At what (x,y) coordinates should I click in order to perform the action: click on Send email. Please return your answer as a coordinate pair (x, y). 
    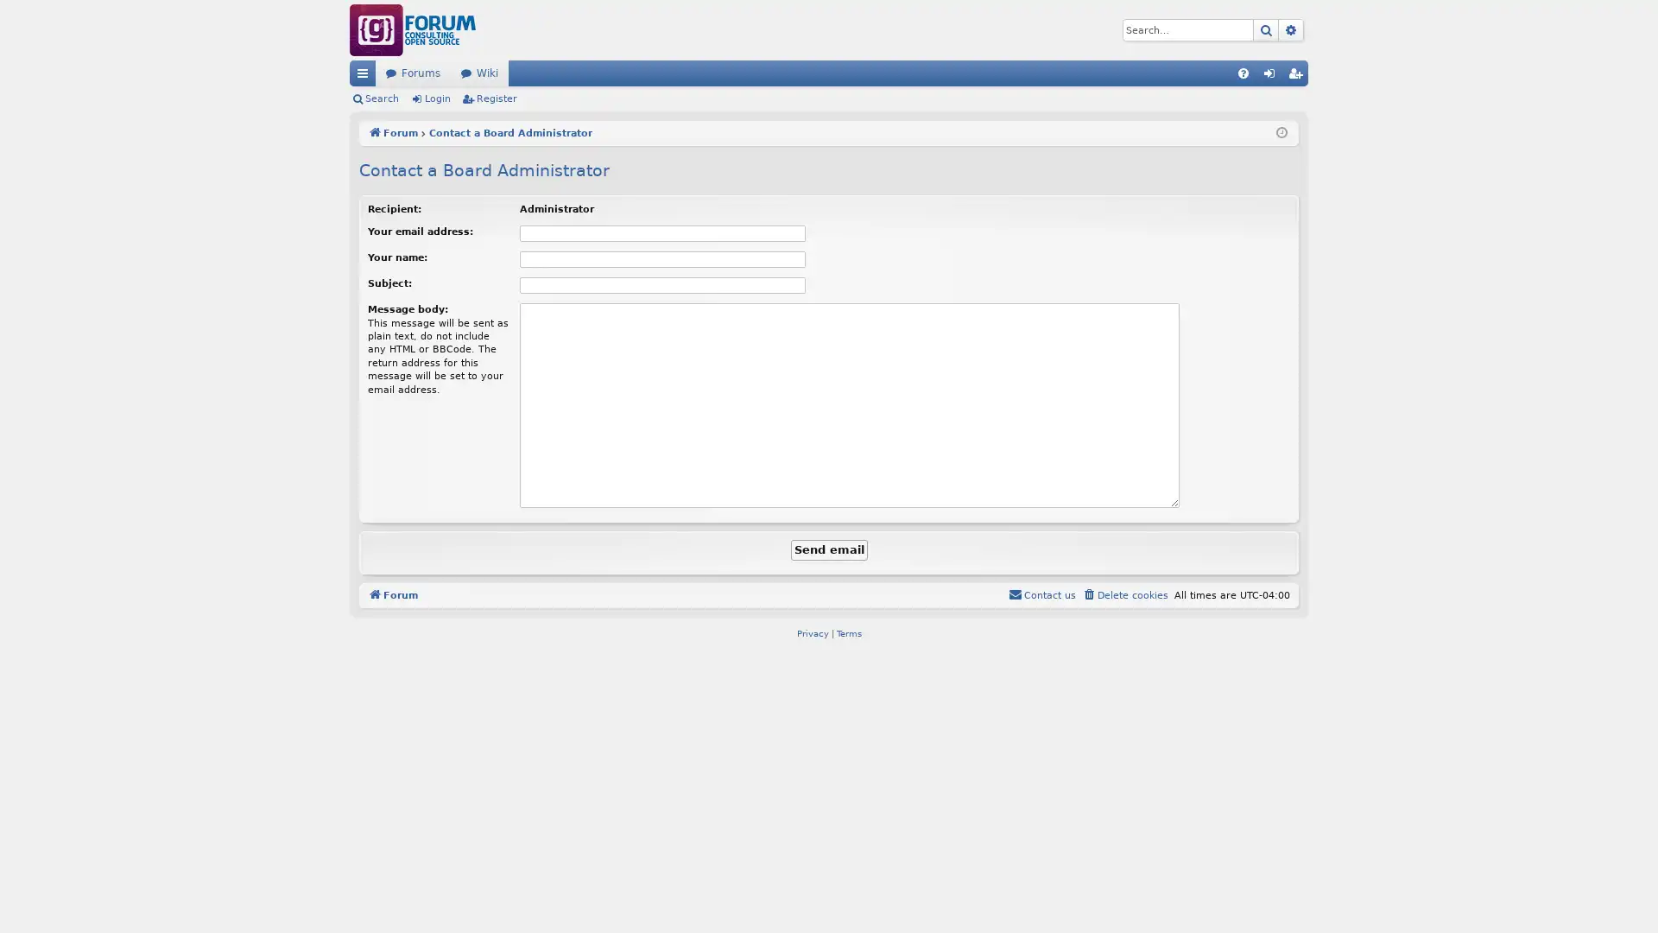
    Looking at the image, I should click on (827, 549).